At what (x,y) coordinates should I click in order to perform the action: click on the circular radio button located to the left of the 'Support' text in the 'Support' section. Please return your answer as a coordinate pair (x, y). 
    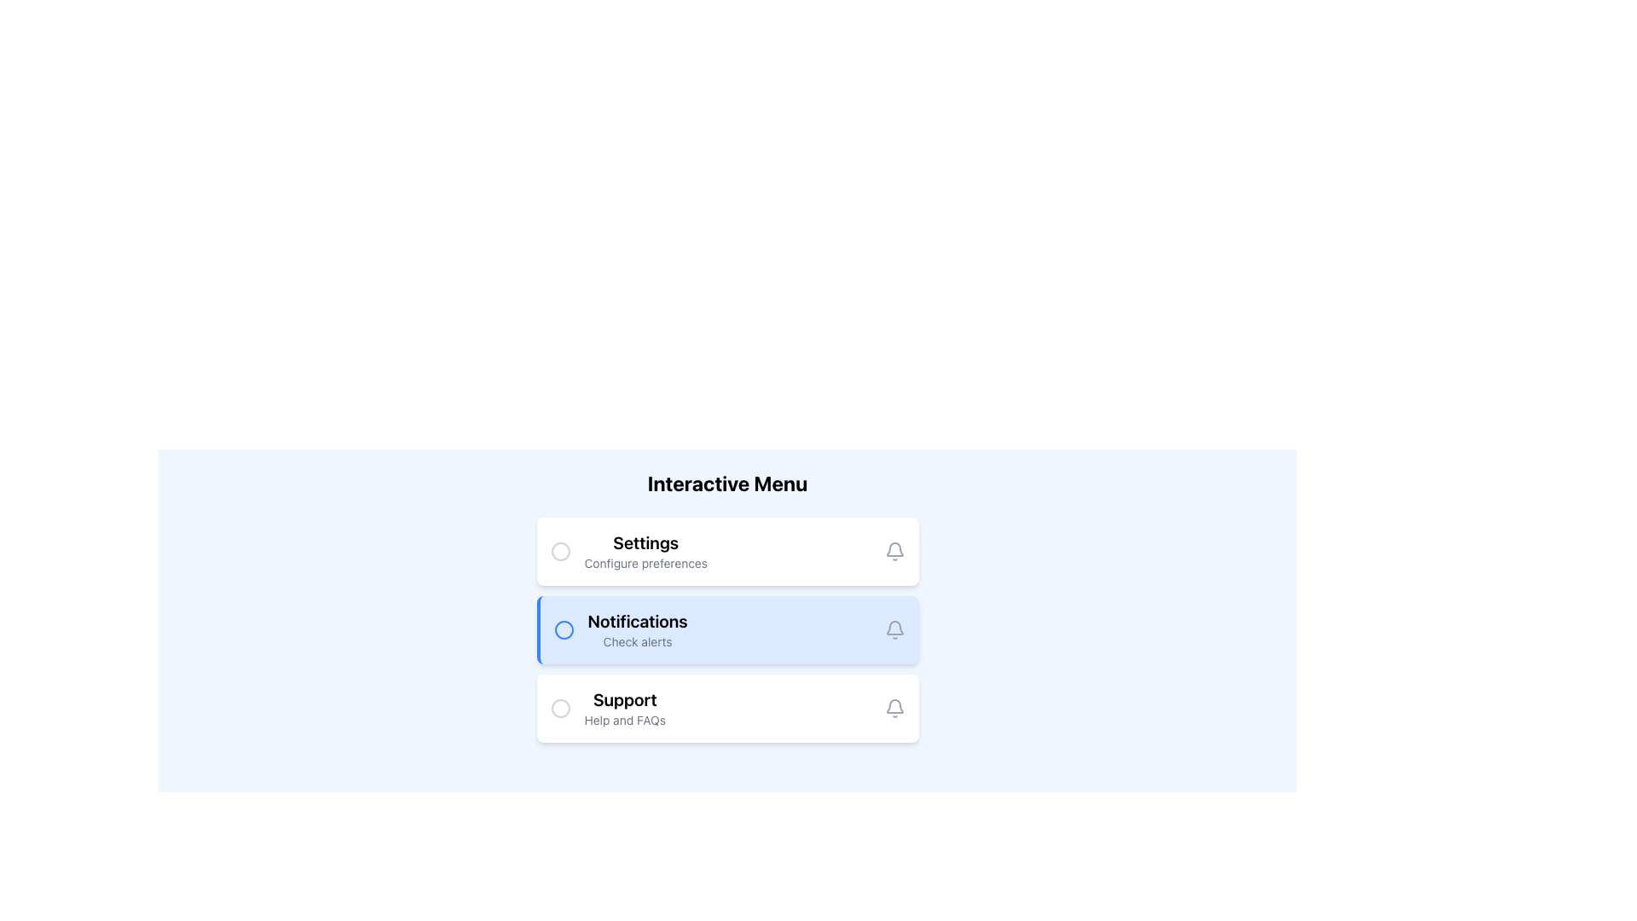
    Looking at the image, I should click on (560, 708).